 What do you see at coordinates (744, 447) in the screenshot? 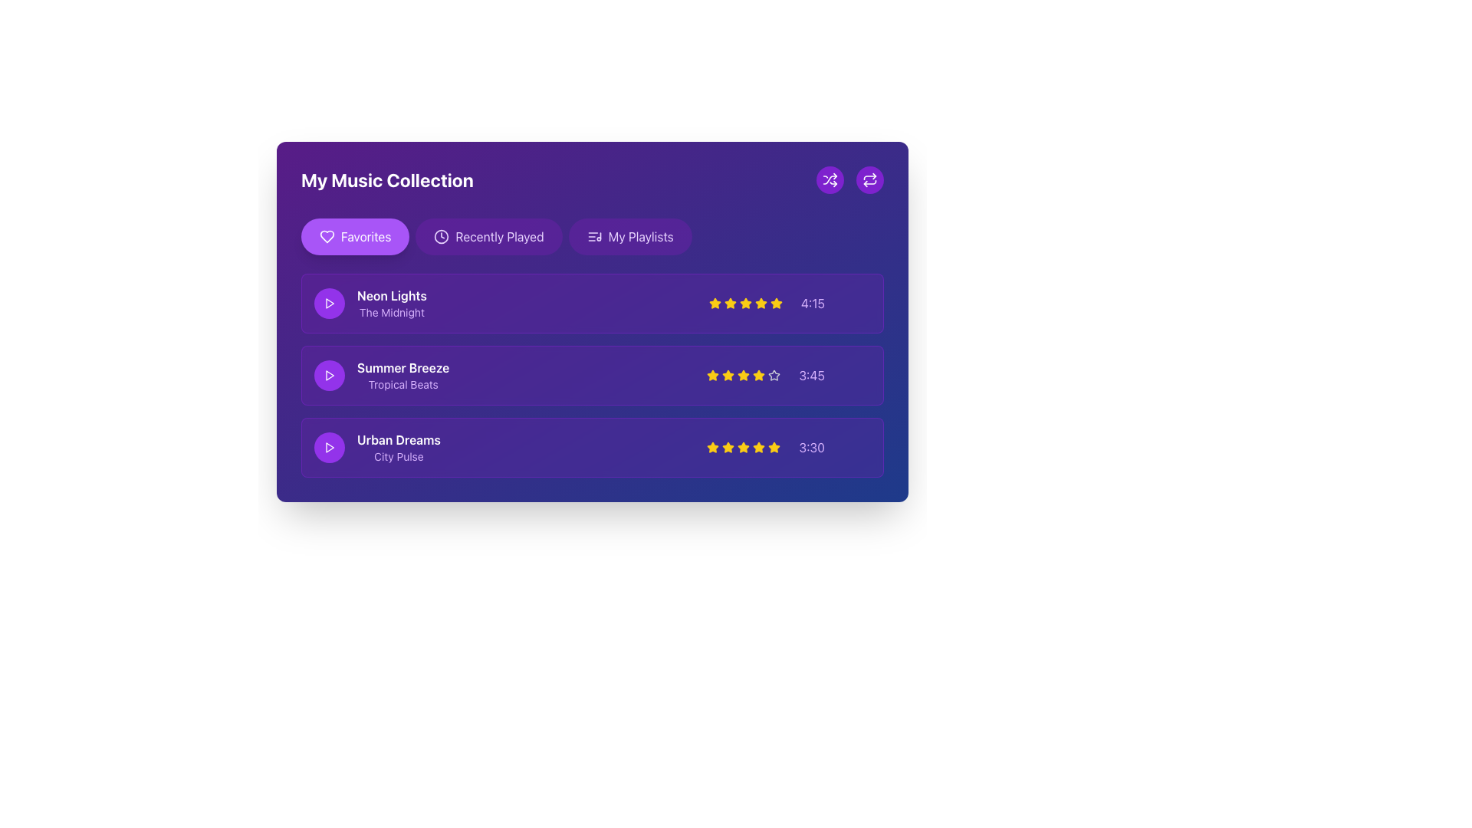
I see `the fourth star icon used for rating, located to the right of the text 'Urban Dreams' in the third row of the song titles table` at bounding box center [744, 447].